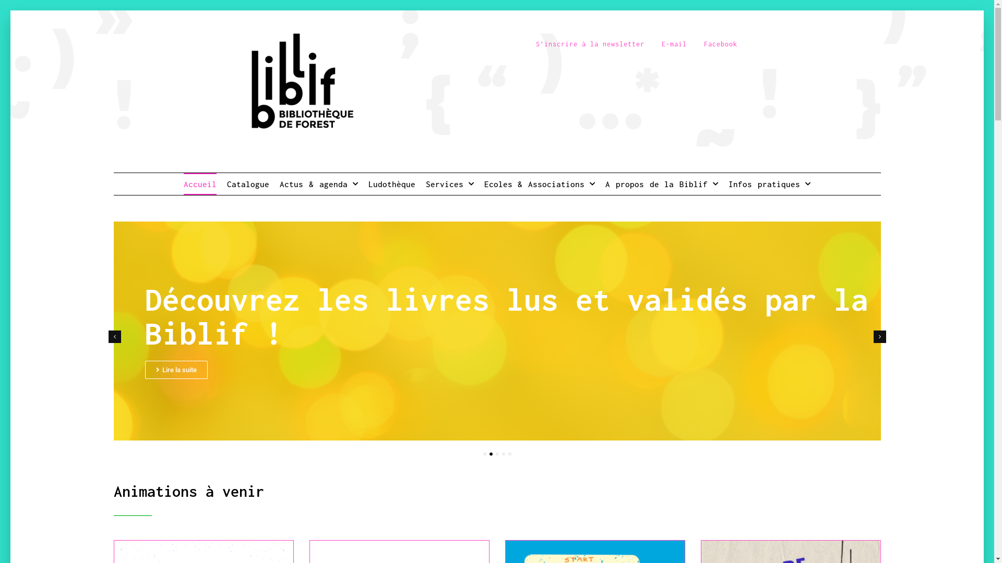 This screenshot has height=563, width=1002. I want to click on 'A propos de la Biblif', so click(605, 183).